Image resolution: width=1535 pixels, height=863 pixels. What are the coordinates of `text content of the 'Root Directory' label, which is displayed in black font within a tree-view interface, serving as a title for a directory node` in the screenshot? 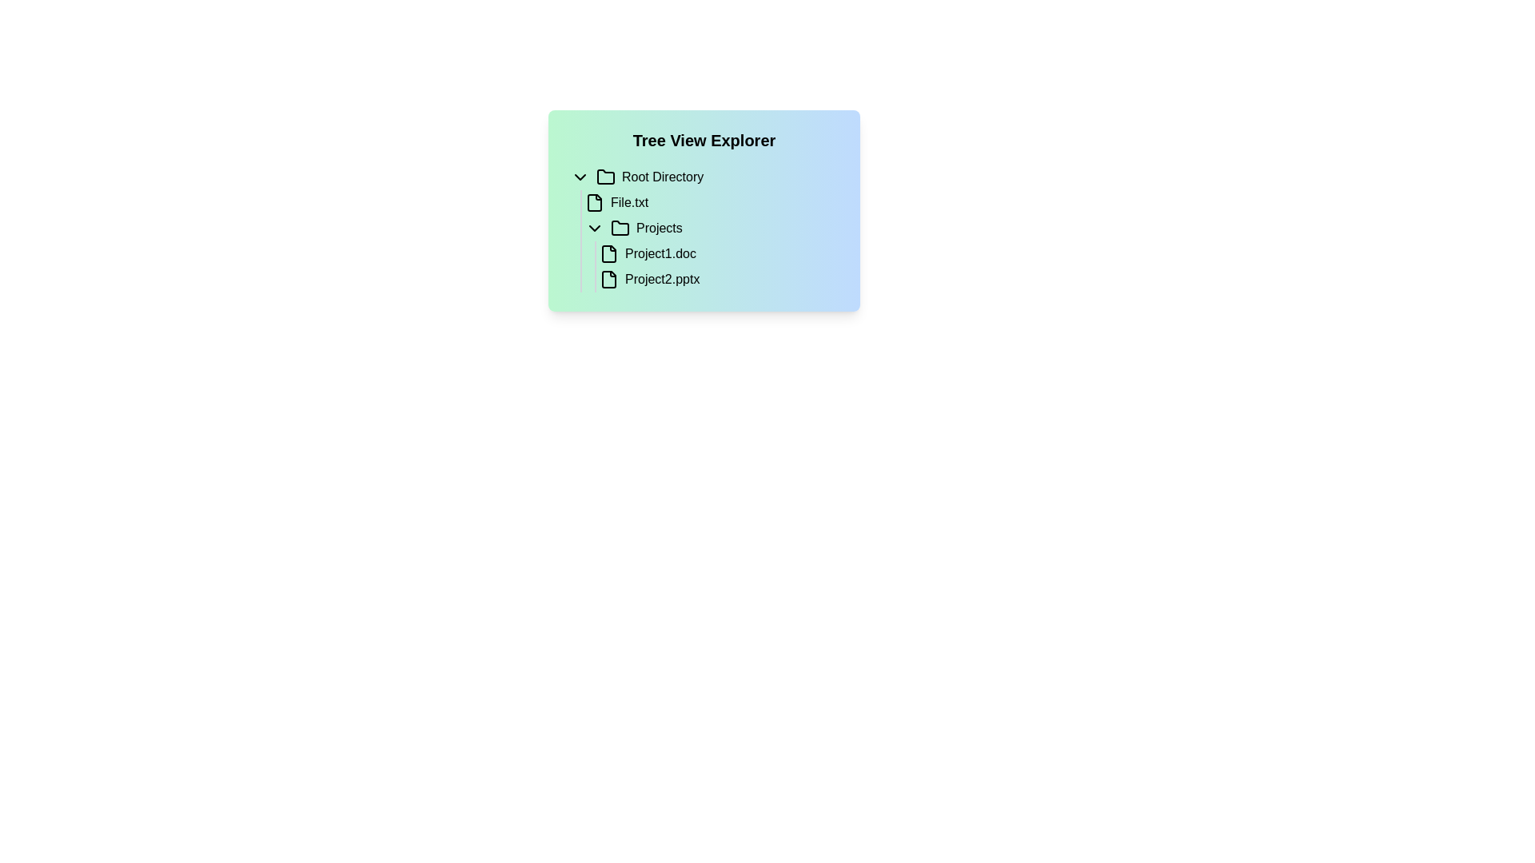 It's located at (663, 177).